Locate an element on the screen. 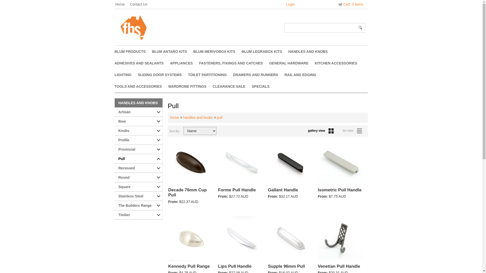 This screenshot has width=486, height=273. 'Bow' is located at coordinates (114, 121).